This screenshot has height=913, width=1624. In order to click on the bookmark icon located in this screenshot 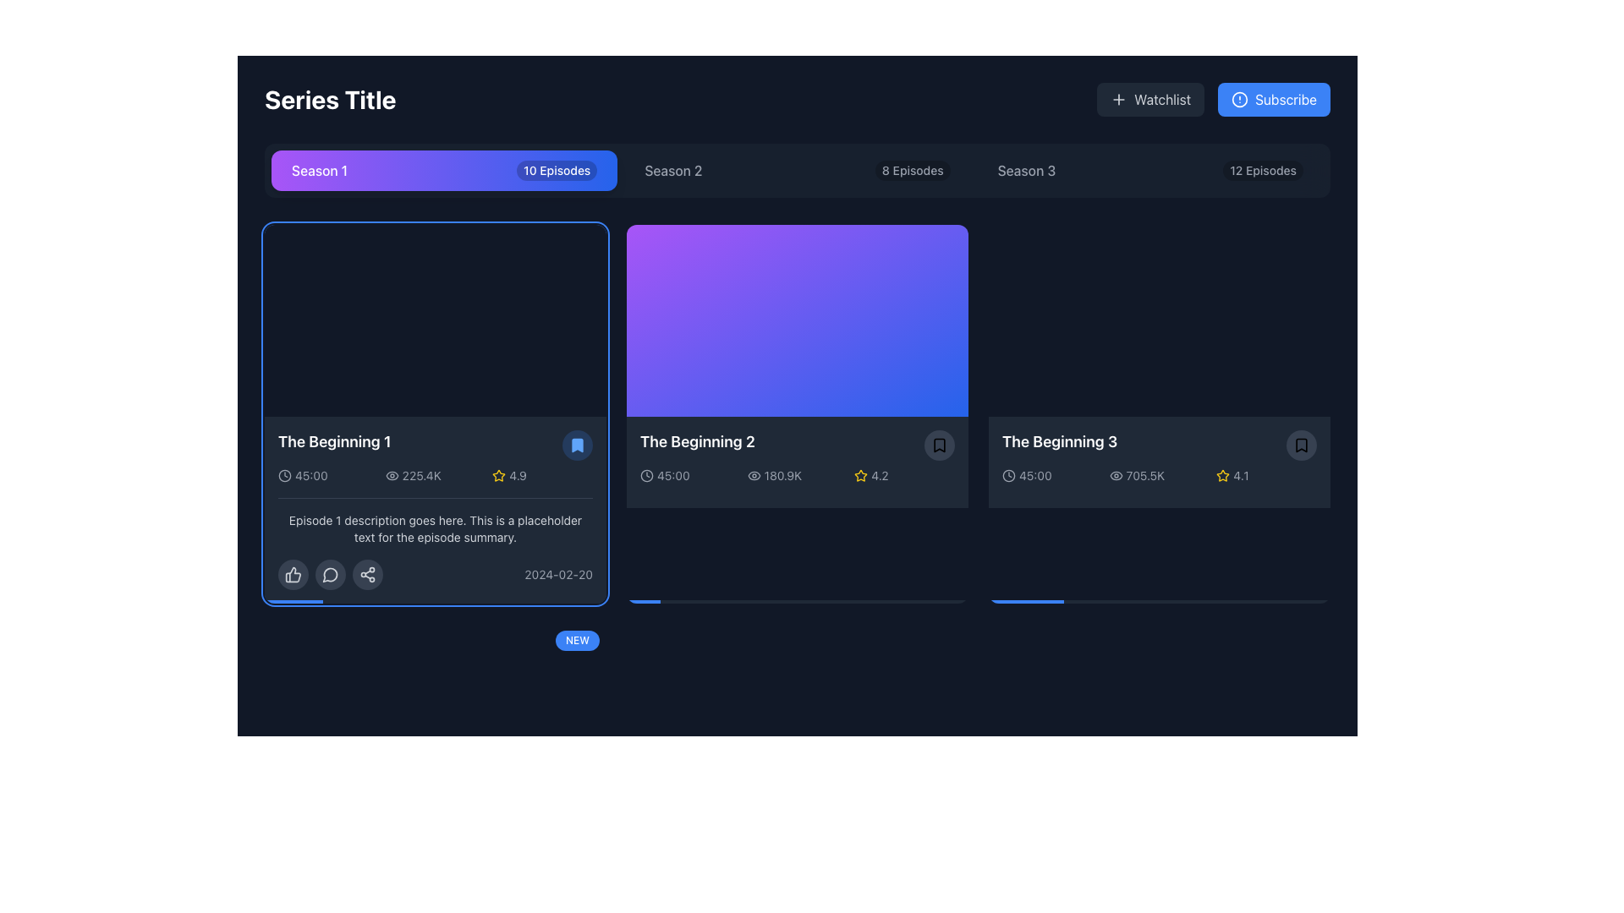, I will do `click(938, 445)`.